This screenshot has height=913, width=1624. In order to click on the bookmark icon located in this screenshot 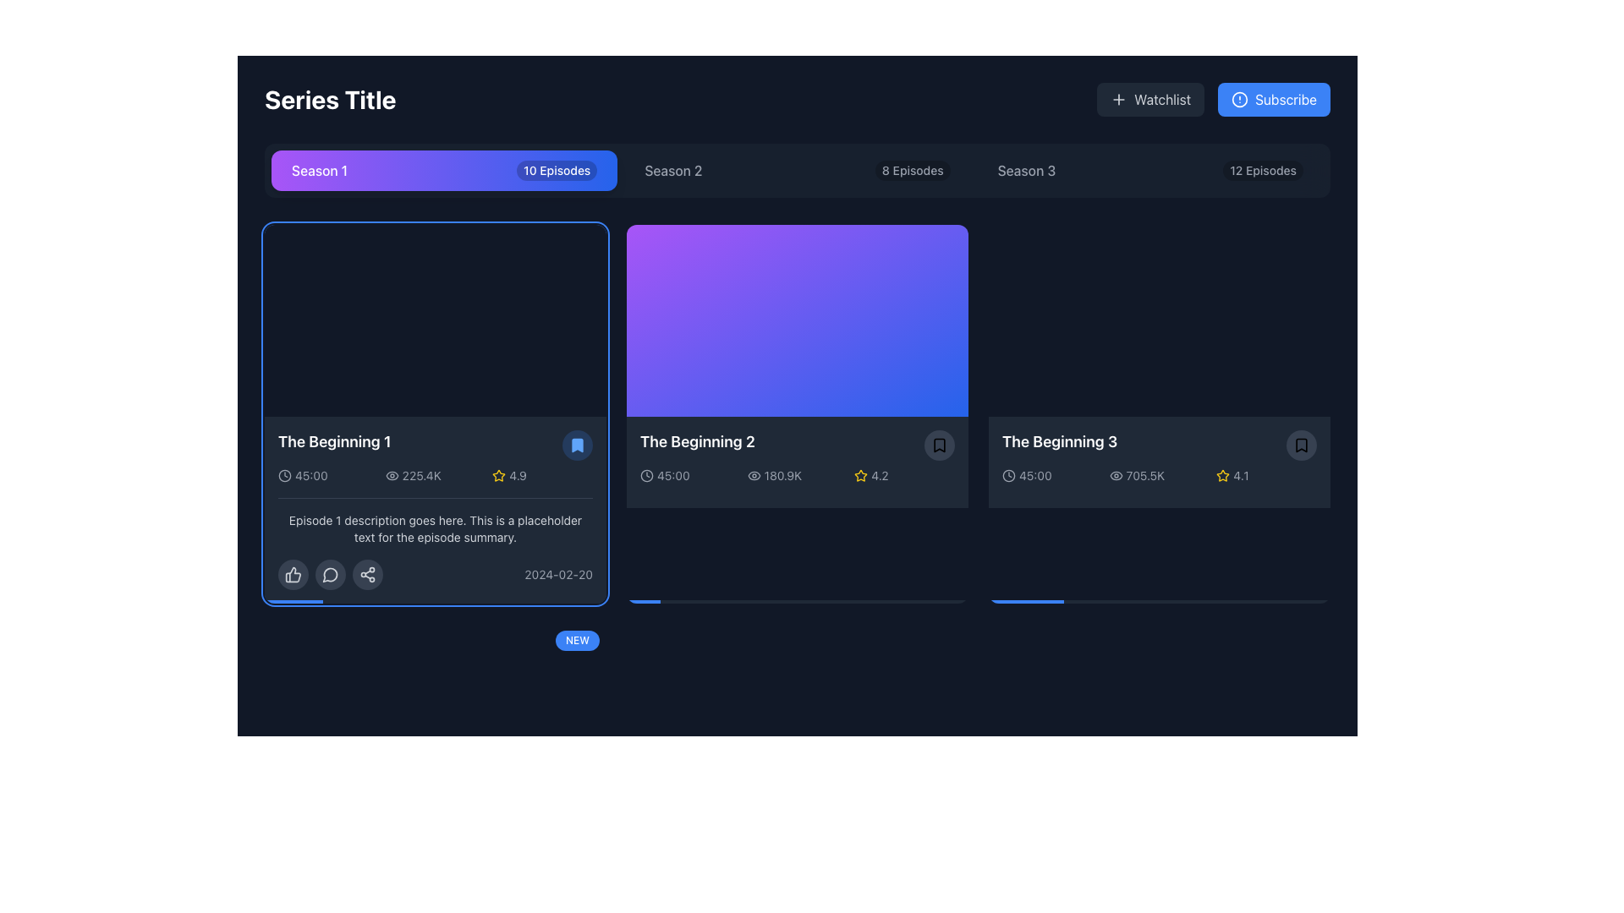, I will do `click(938, 445)`.